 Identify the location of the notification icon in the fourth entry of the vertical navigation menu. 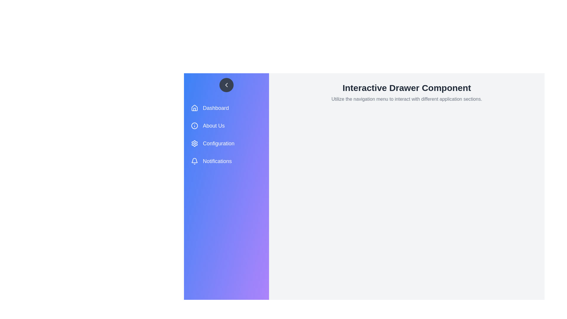
(194, 160).